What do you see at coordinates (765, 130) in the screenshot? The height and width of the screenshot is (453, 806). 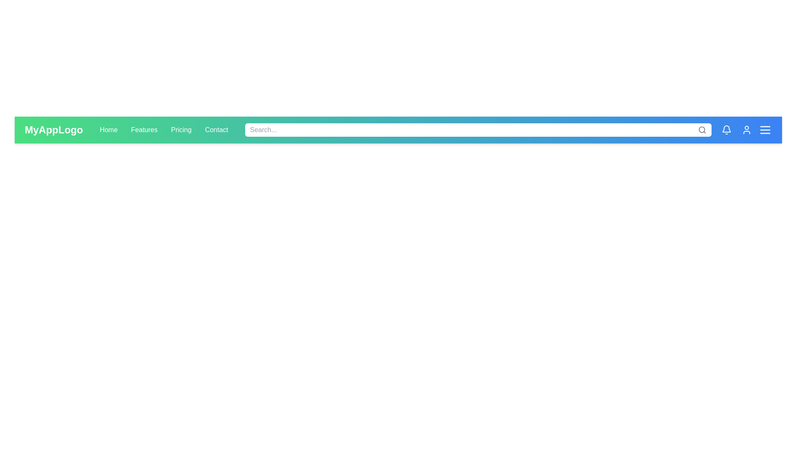 I see `the menu icon (three horizontal lines) located at the top-right corner of the interface` at bounding box center [765, 130].